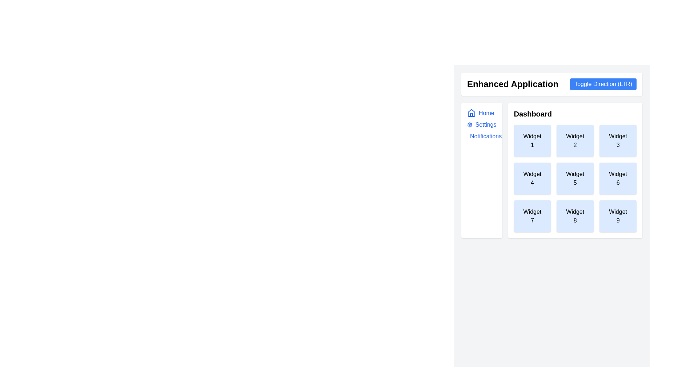  I want to click on the navigational text label located in the left-side navigation pane, which is immediately to the right of the house-shaped icon, so click(486, 113).